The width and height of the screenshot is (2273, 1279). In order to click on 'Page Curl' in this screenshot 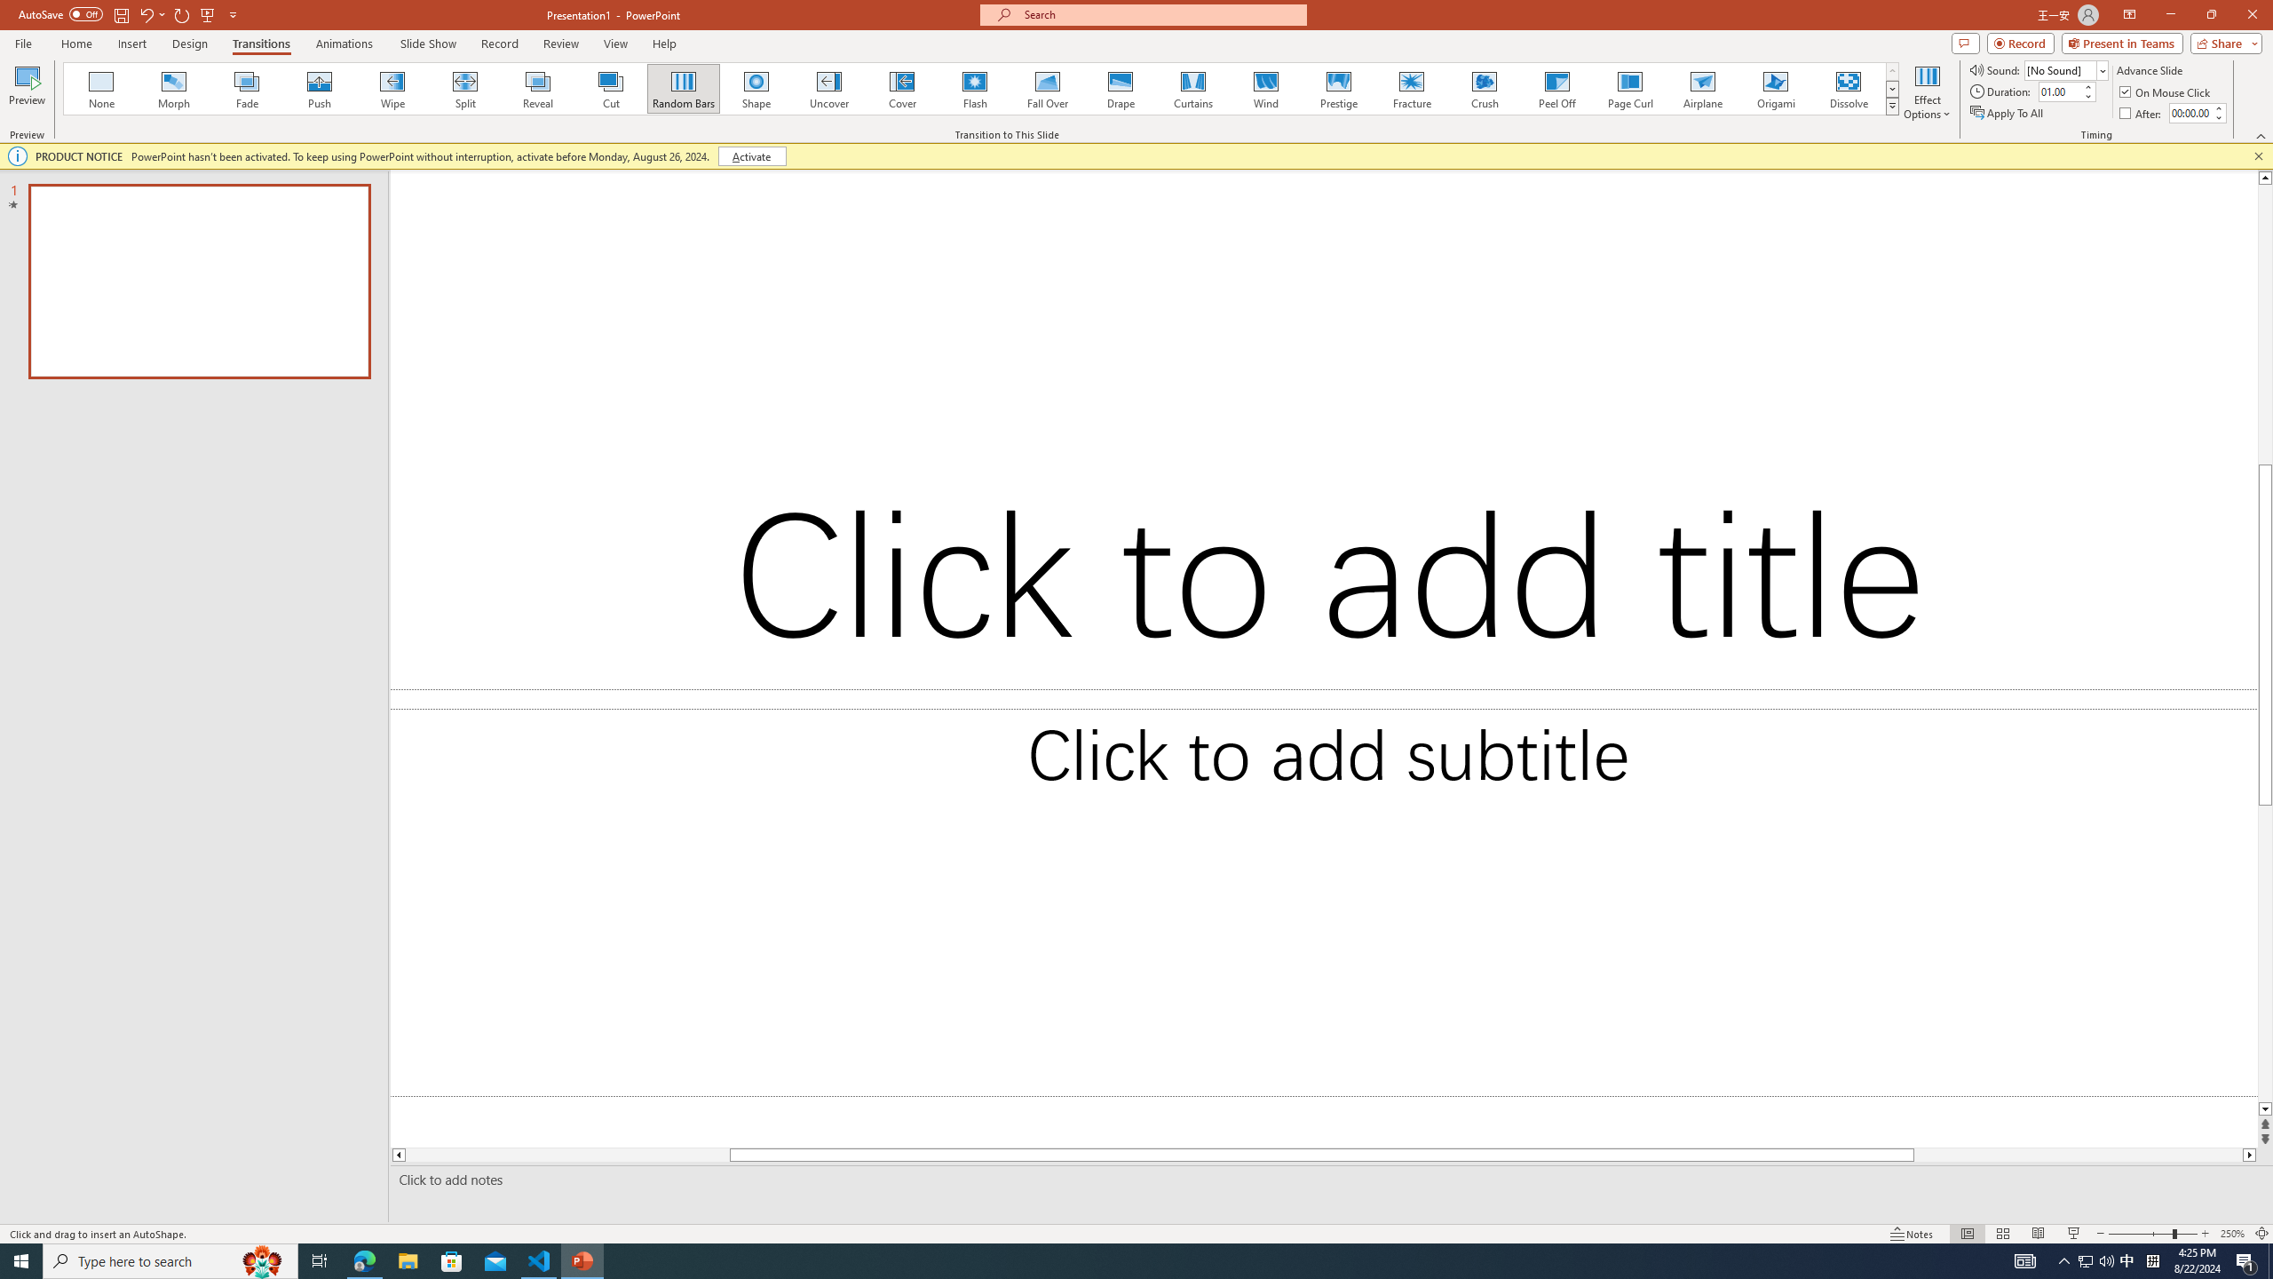, I will do `click(1628, 88)`.